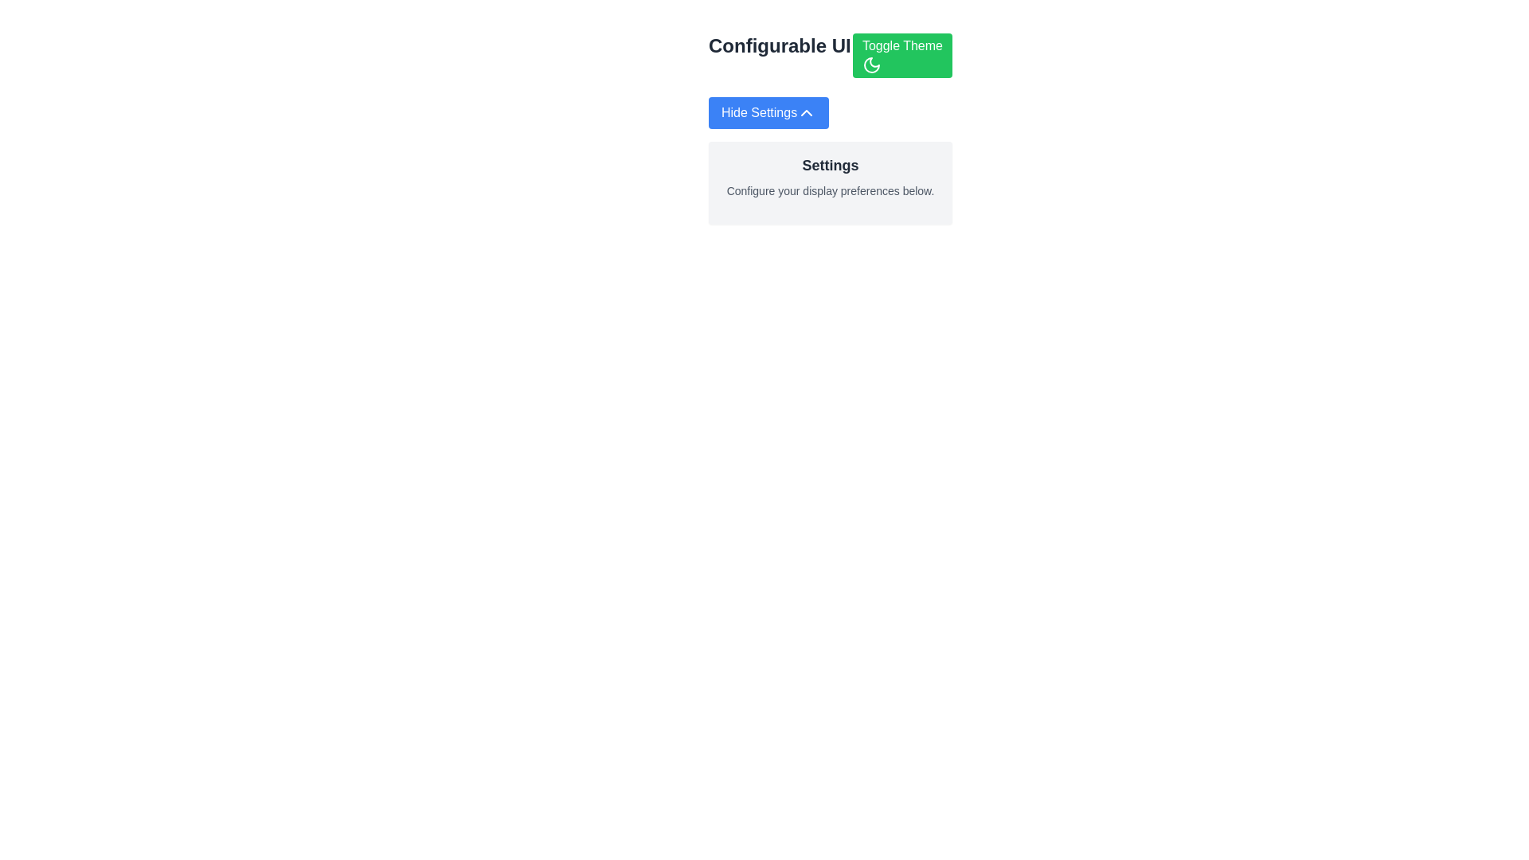 Image resolution: width=1529 pixels, height=860 pixels. Describe the element at coordinates (807, 112) in the screenshot. I see `the upward chevron icon located on the right side of the 'Hide Settings' button` at that location.